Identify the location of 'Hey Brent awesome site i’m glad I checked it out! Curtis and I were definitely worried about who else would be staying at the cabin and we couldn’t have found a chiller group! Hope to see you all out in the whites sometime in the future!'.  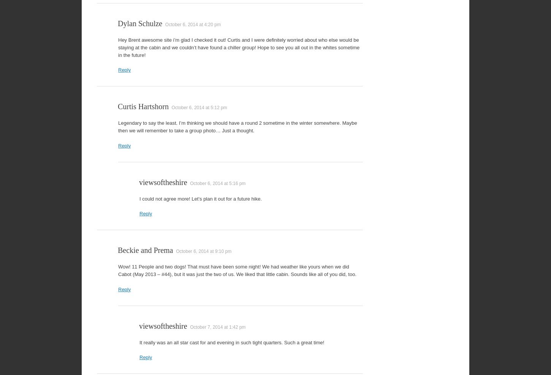
(238, 47).